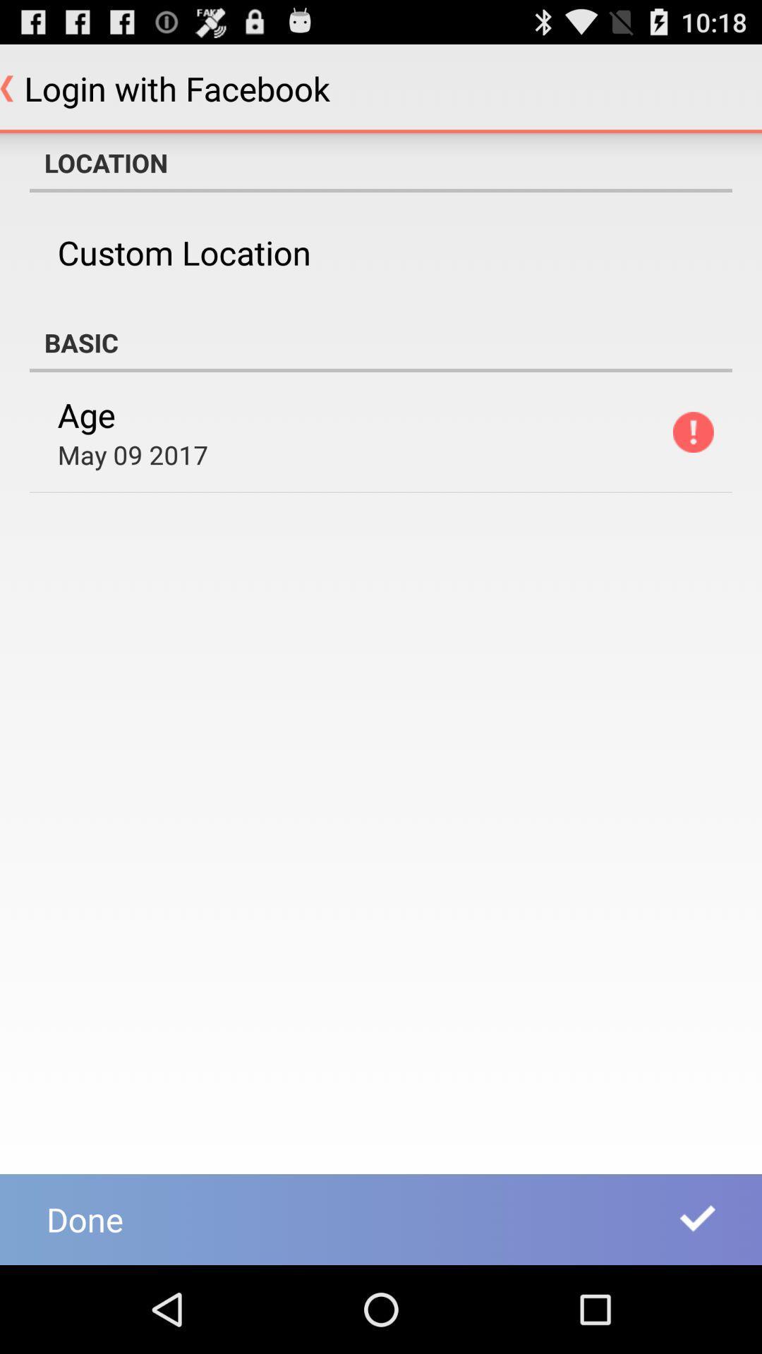  Describe the element at coordinates (692, 432) in the screenshot. I see `the item at the top right corner` at that location.